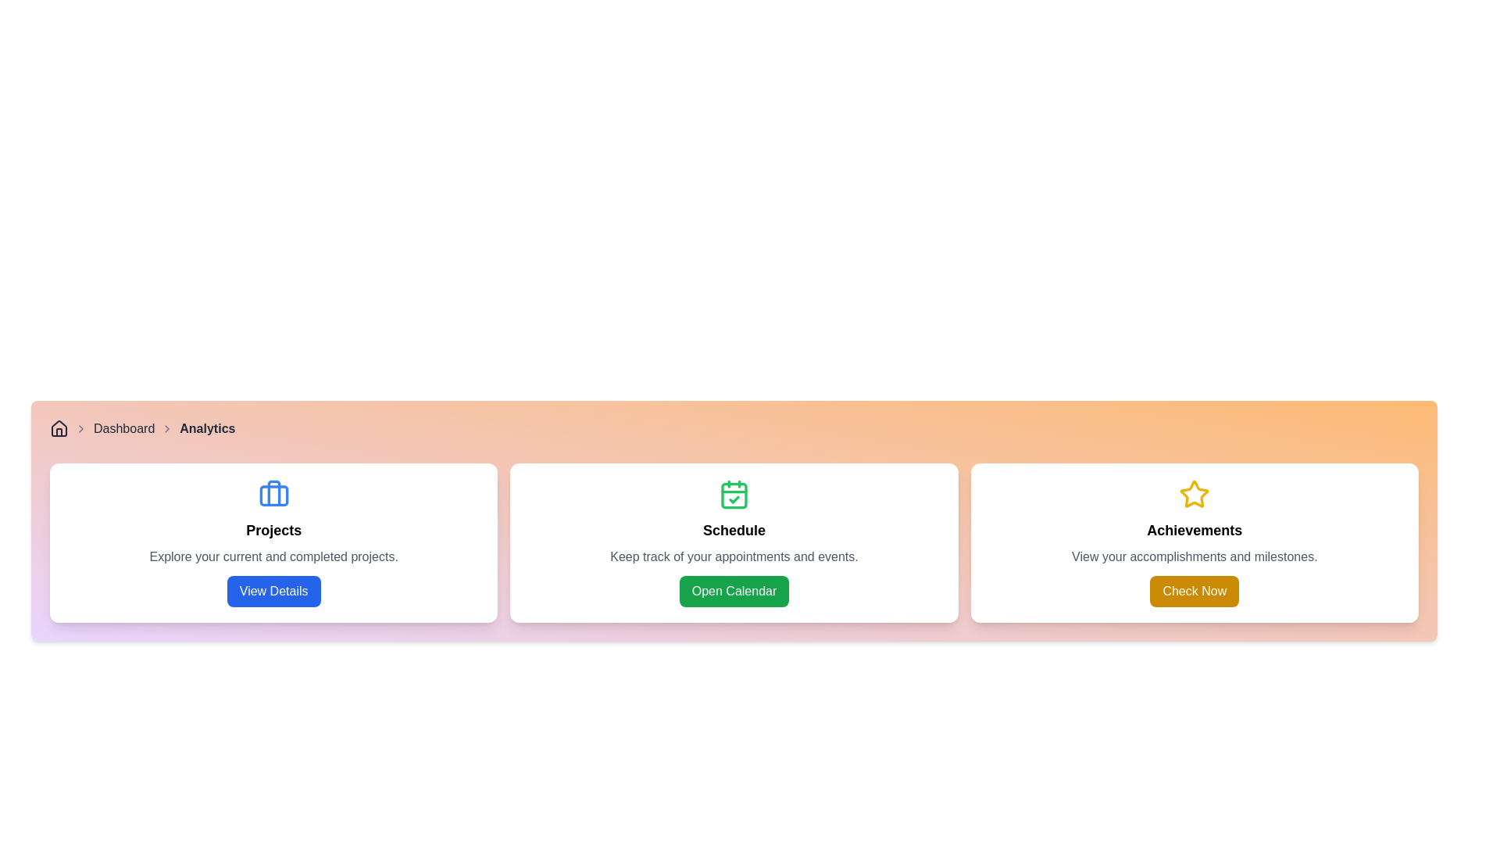  Describe the element at coordinates (273, 556) in the screenshot. I see `the Text Label that provides a descriptive summary of the card's content within the 'Projects' card, located below the title and above the 'View Details' button` at that location.